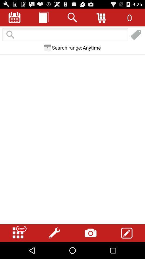 The width and height of the screenshot is (145, 259). What do you see at coordinates (67, 47) in the screenshot?
I see `search range: icon` at bounding box center [67, 47].